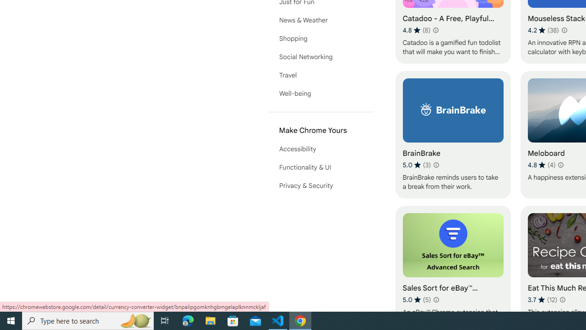  I want to click on 'News & Weather', so click(320, 20).